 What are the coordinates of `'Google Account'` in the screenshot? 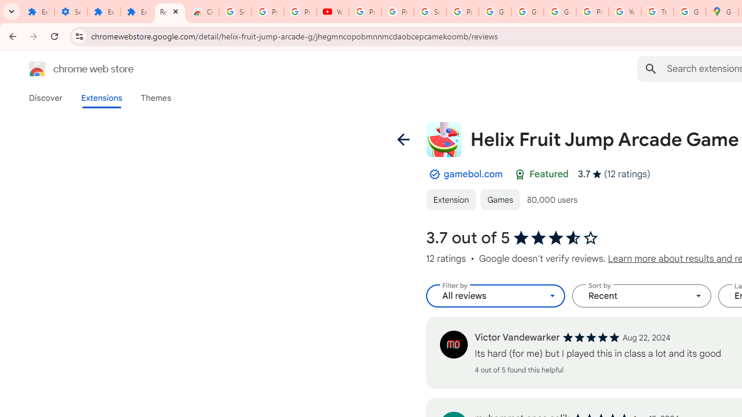 It's located at (494, 12).